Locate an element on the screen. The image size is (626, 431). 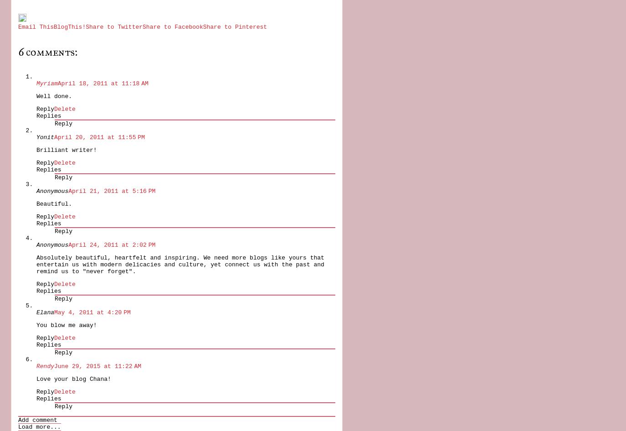
'Well done.' is located at coordinates (53, 95).